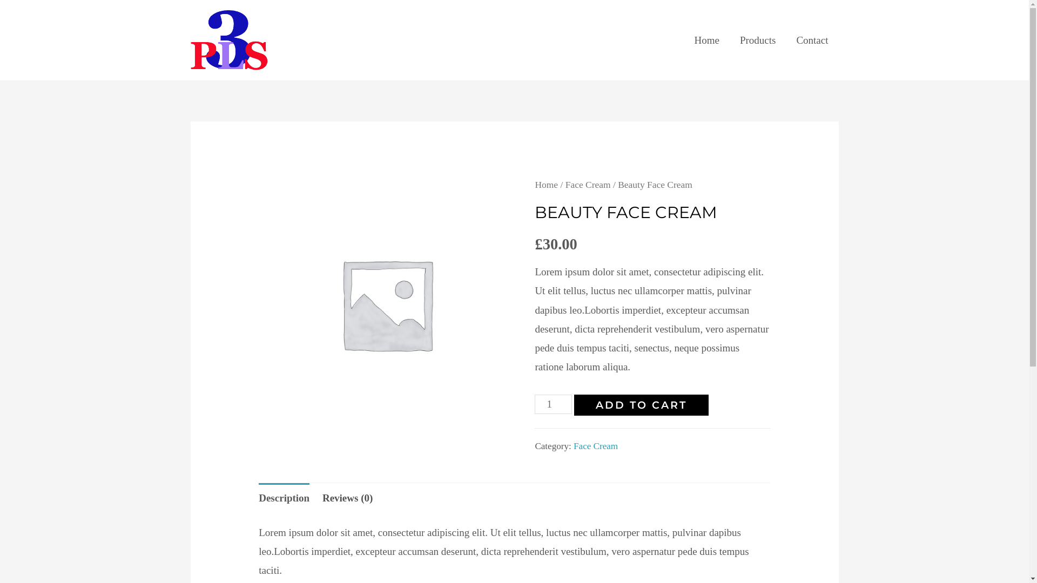 This screenshot has width=1037, height=583. What do you see at coordinates (534, 404) in the screenshot?
I see `'Qty'` at bounding box center [534, 404].